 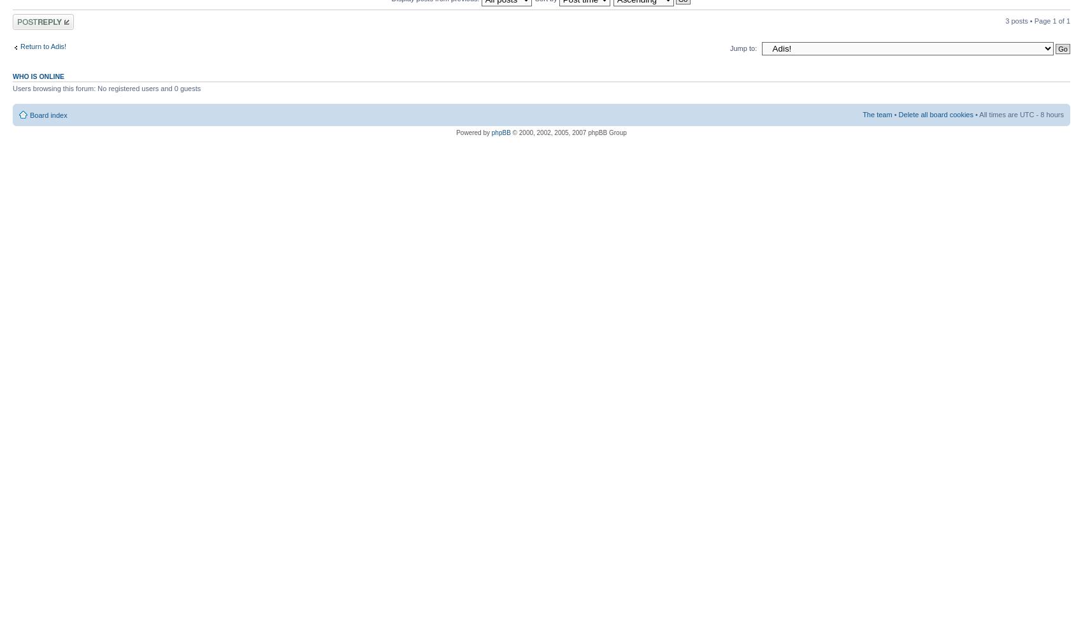 I want to click on 'Users browsing this forum: No registered users and 0 guests', so click(x=13, y=88).